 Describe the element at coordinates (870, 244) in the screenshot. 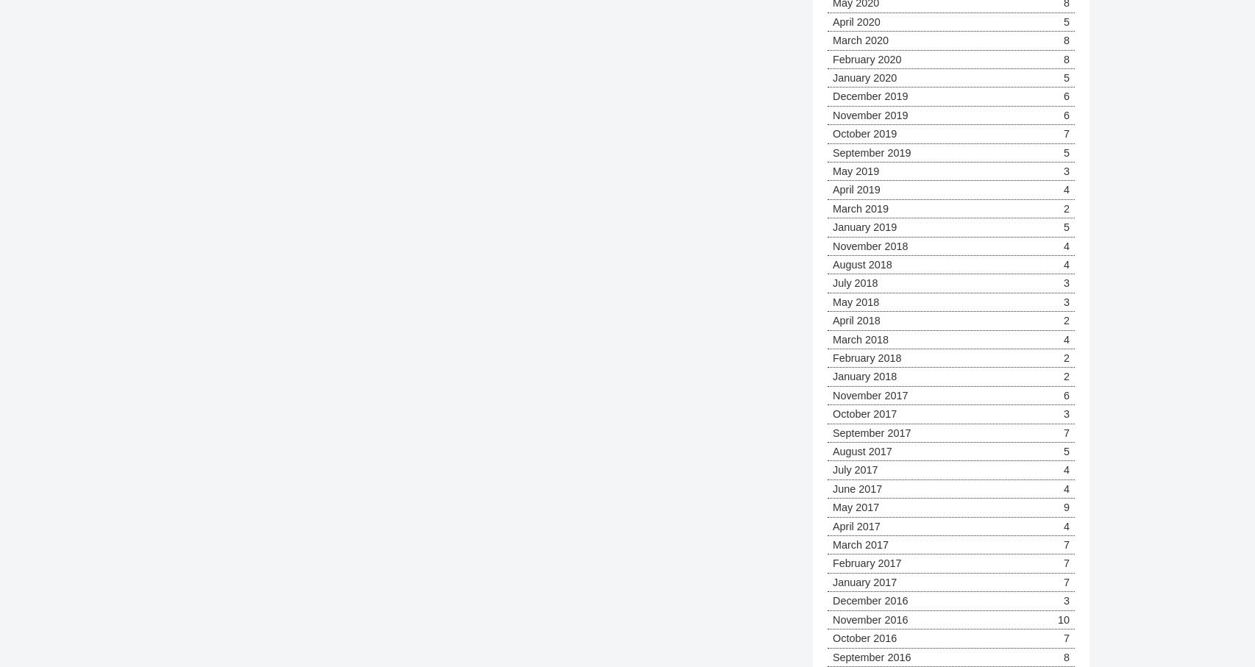

I see `'November 2018'` at that location.